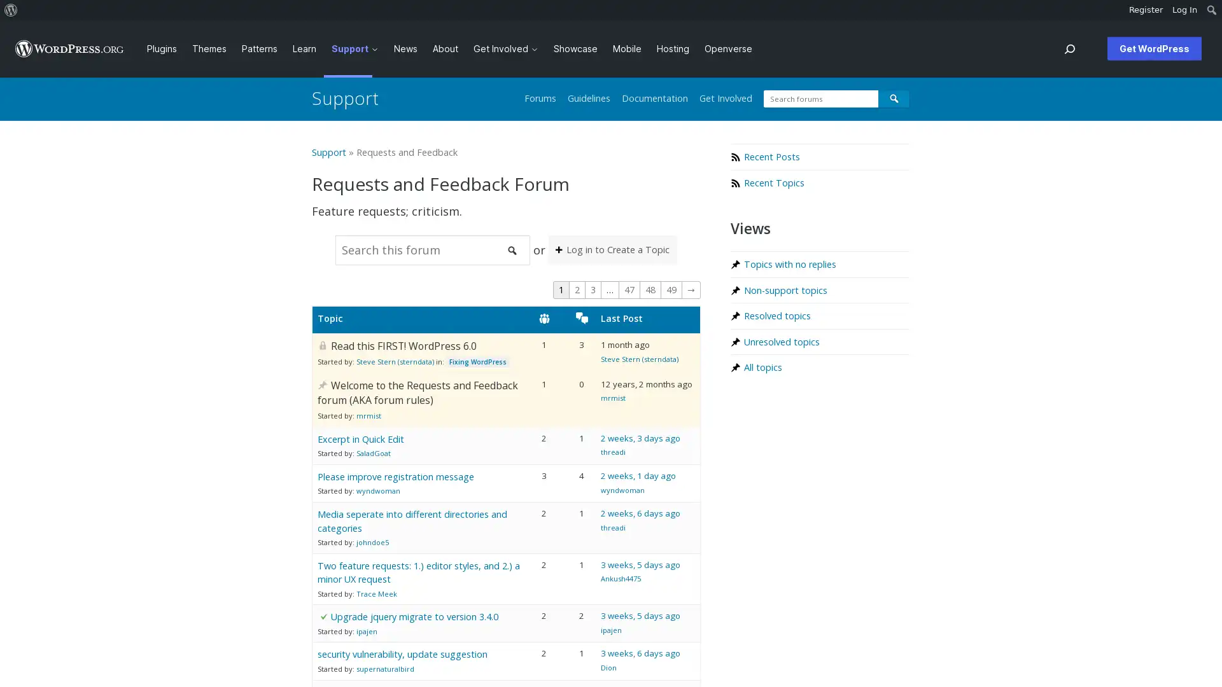  I want to click on Search forums, so click(894, 98).